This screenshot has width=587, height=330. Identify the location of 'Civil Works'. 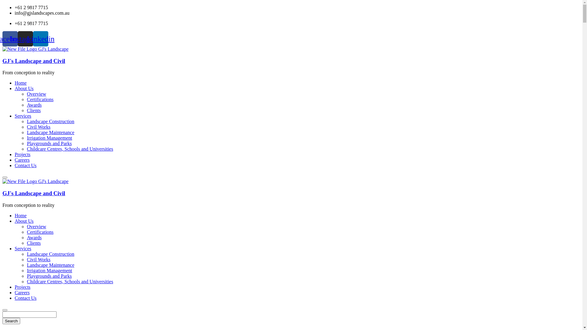
(38, 127).